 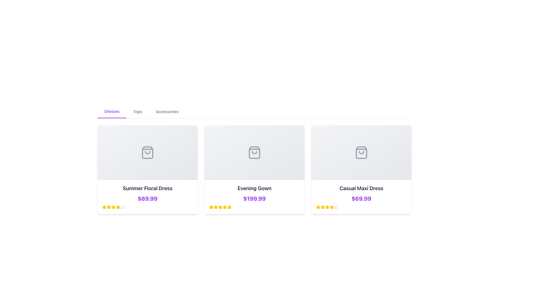 I want to click on the sixth yellow star icon in the rating sequence below the 'Summer Floral Dress' card, so click(x=117, y=207).